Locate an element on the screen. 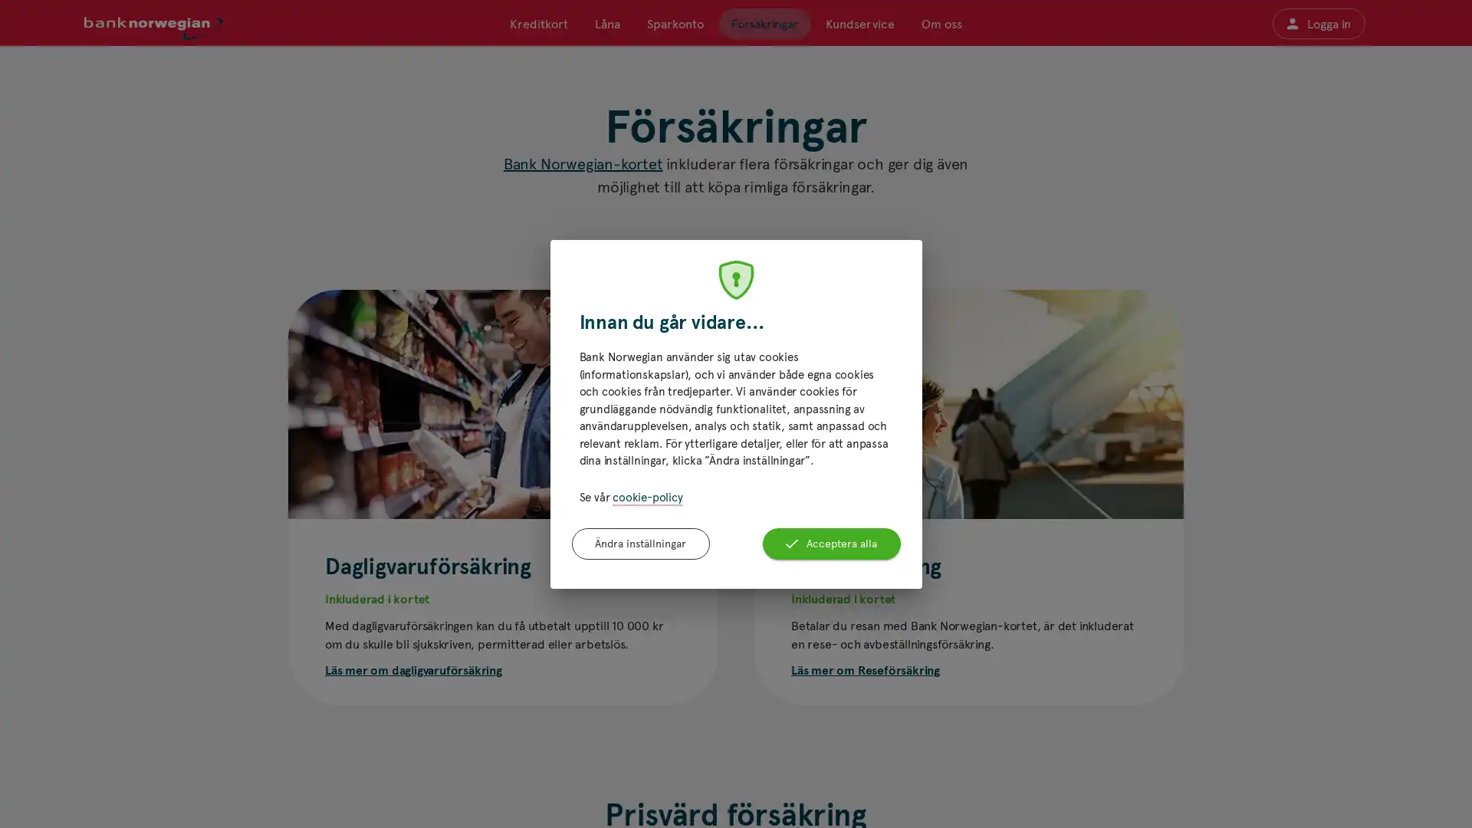  Logga in is located at coordinates (1317, 23).